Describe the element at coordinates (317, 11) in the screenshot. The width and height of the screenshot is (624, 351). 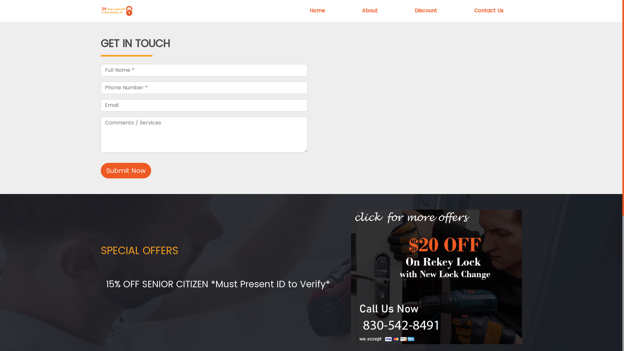
I see `'Home'` at that location.